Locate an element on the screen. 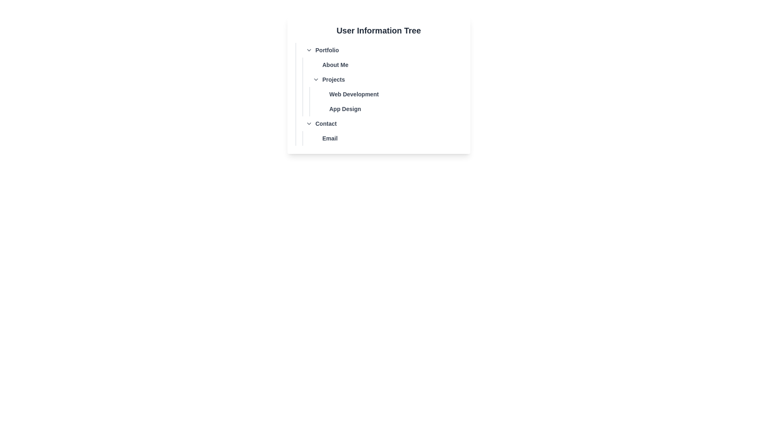 The width and height of the screenshot is (784, 441). the 'Email' label, which is positioned directly below the 'Contact' section in the user information tree is located at coordinates (382, 138).